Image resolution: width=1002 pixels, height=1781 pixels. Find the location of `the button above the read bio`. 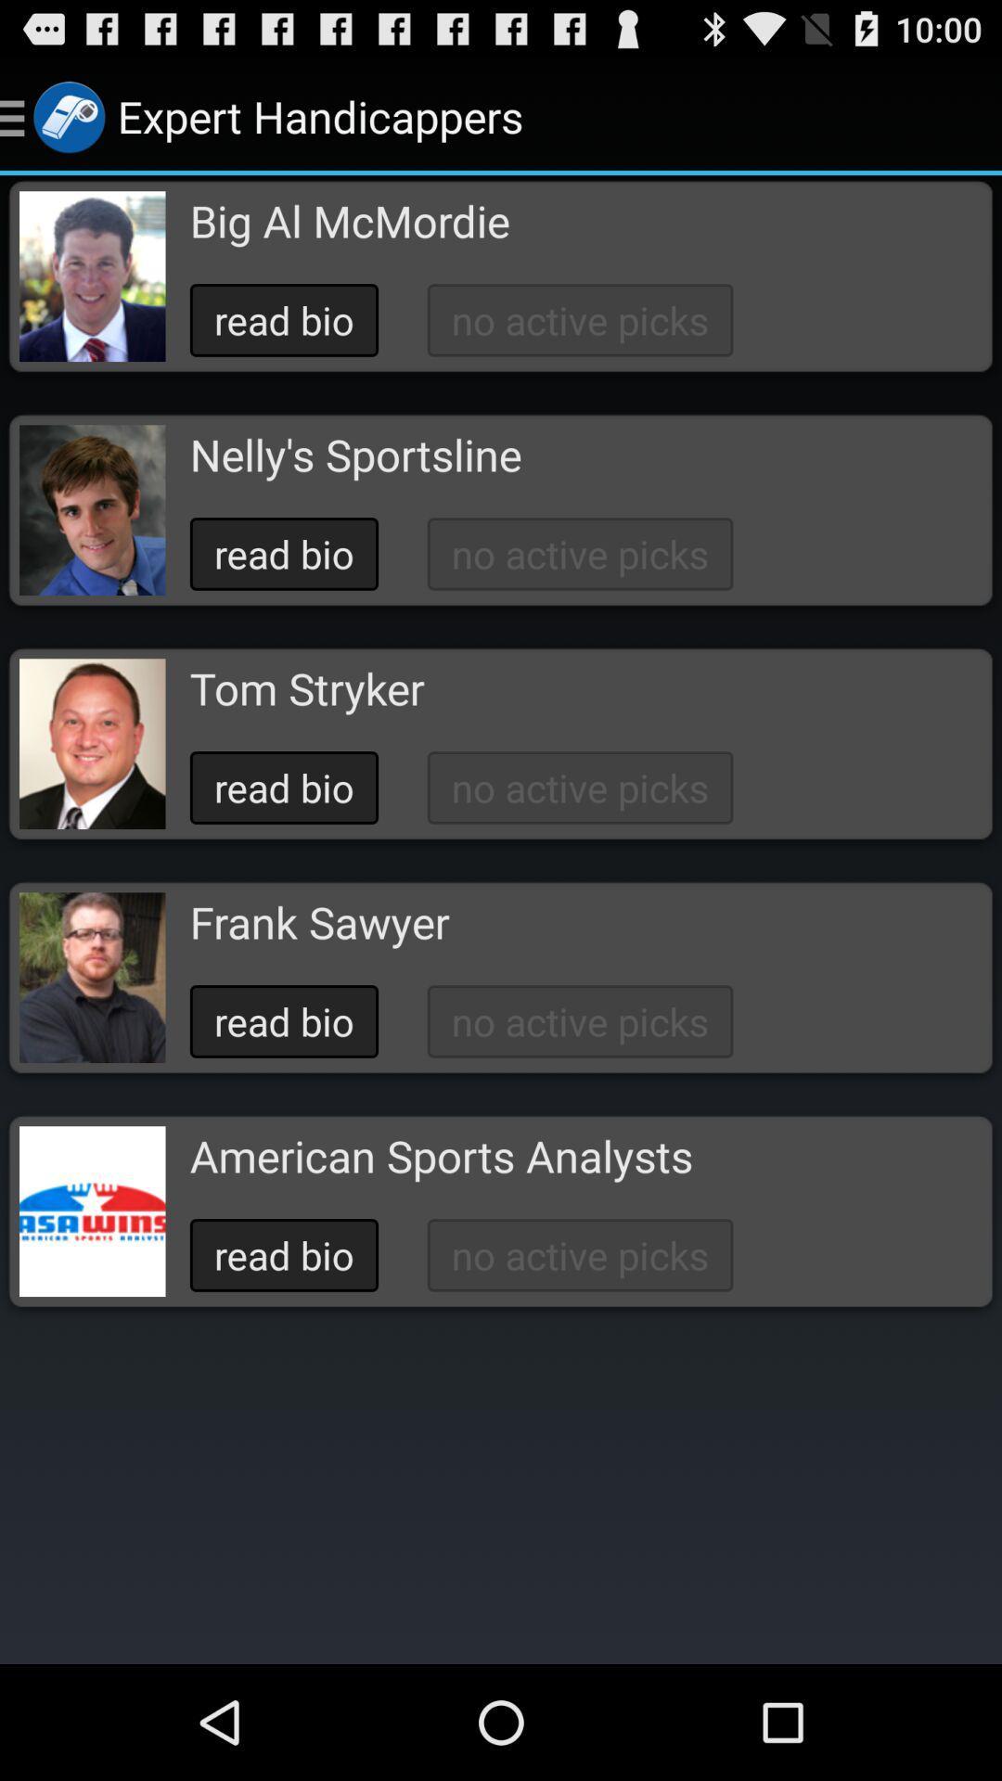

the button above the read bio is located at coordinates (441, 1155).